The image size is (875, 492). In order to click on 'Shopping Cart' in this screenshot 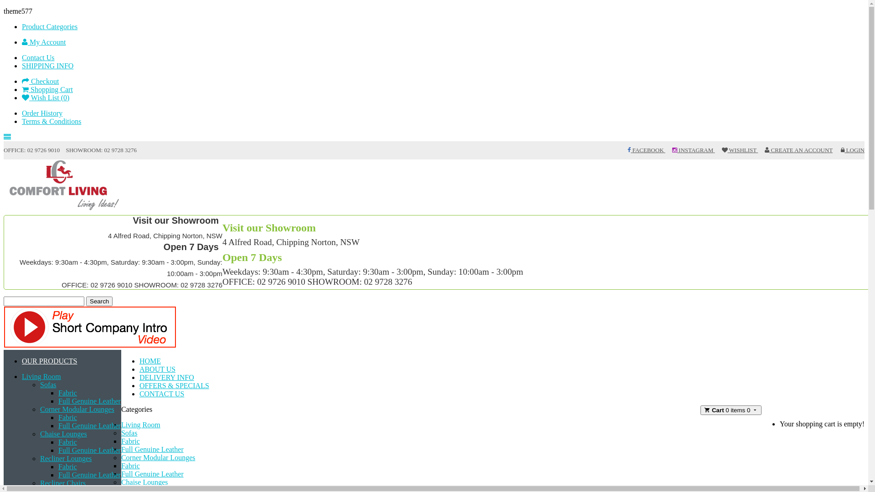, I will do `click(22, 89)`.